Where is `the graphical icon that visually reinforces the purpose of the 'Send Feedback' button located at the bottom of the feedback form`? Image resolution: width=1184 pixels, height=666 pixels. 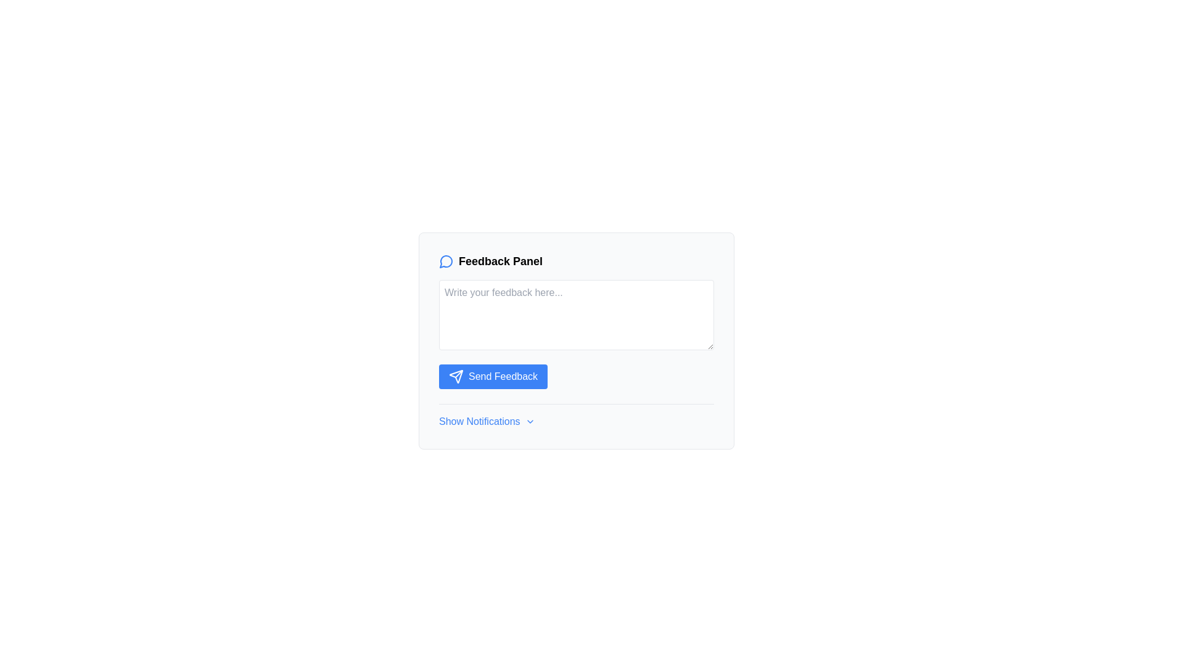 the graphical icon that visually reinforces the purpose of the 'Send Feedback' button located at the bottom of the feedback form is located at coordinates (455, 376).